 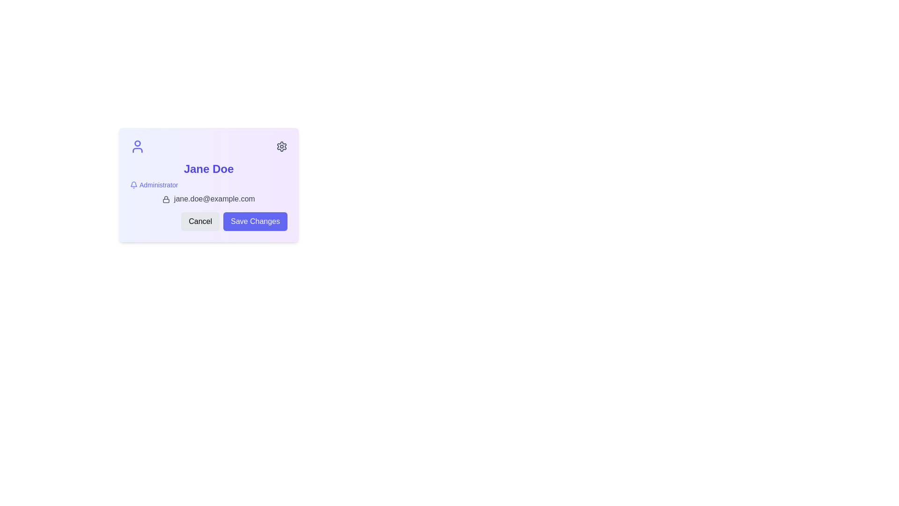 I want to click on the text label displaying the user's name at the top of the section, so click(x=208, y=169).